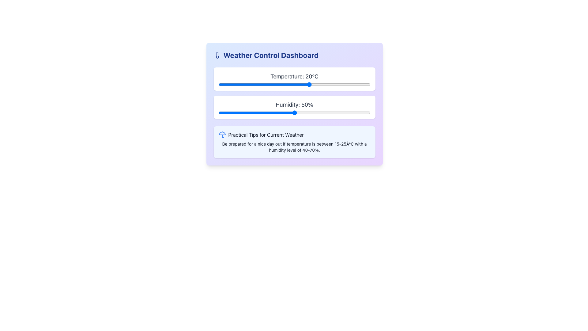 This screenshot has height=331, width=588. I want to click on the static text block displaying 'Be prepared for a nice day out if temperature is between 15-25°C with a humidity level of 40-70%.' which is located below the heading 'Practical Tips for Current Weather', so click(294, 147).